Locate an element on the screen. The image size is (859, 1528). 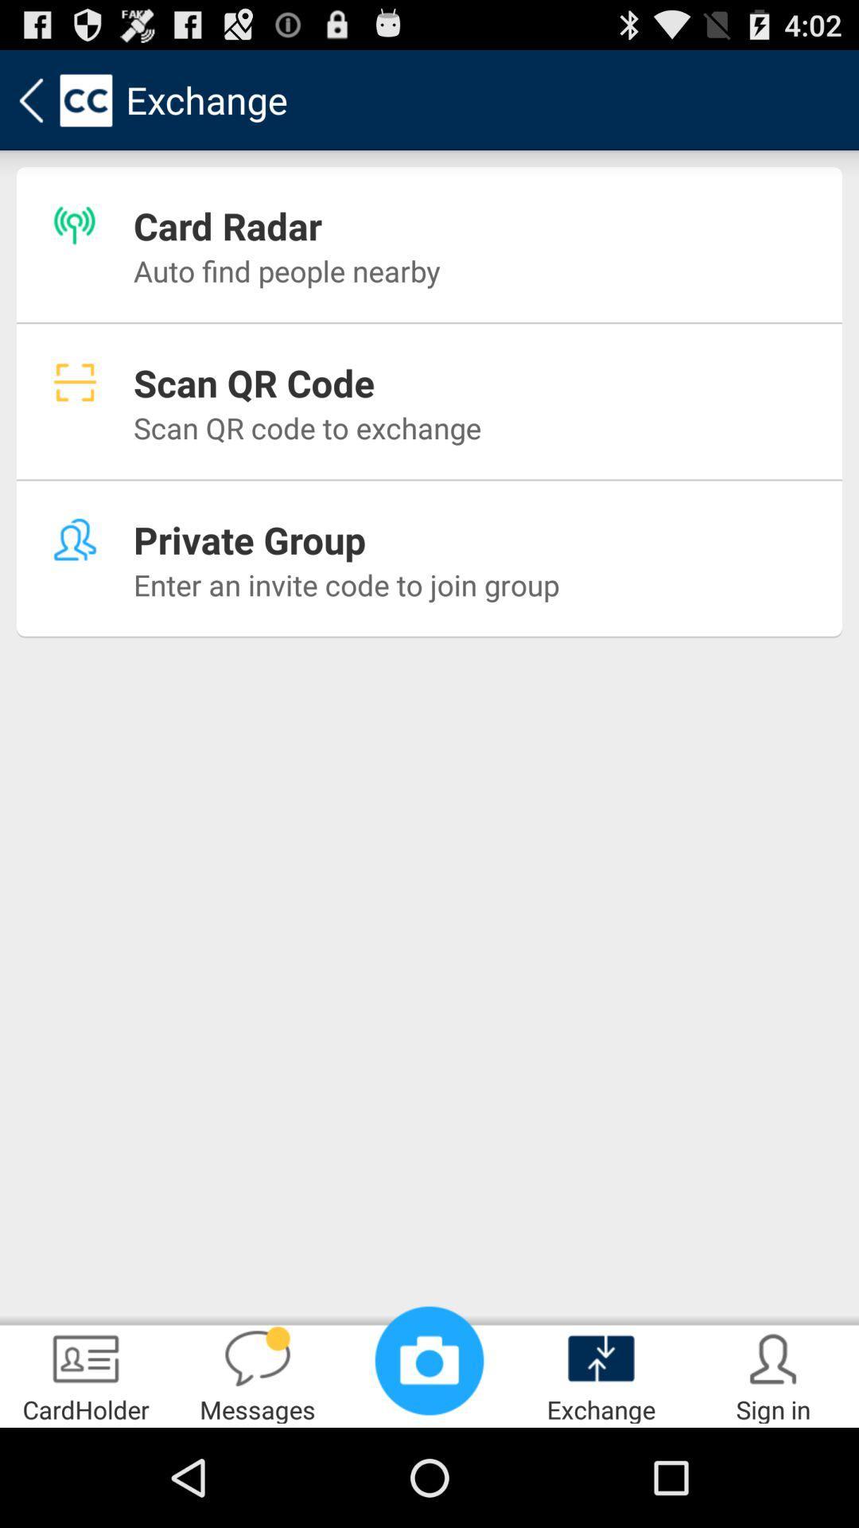
the item at the bottom is located at coordinates (429, 1359).